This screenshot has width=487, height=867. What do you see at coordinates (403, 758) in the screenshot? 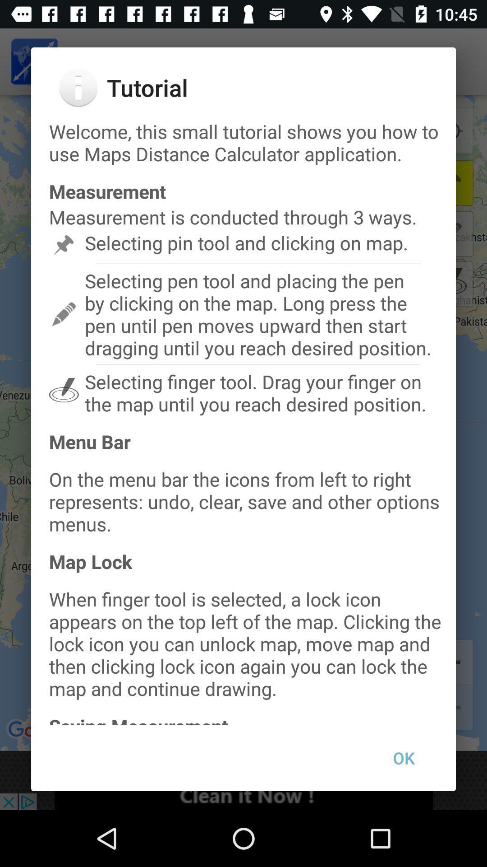
I see `ok at the bottom right corner` at bounding box center [403, 758].